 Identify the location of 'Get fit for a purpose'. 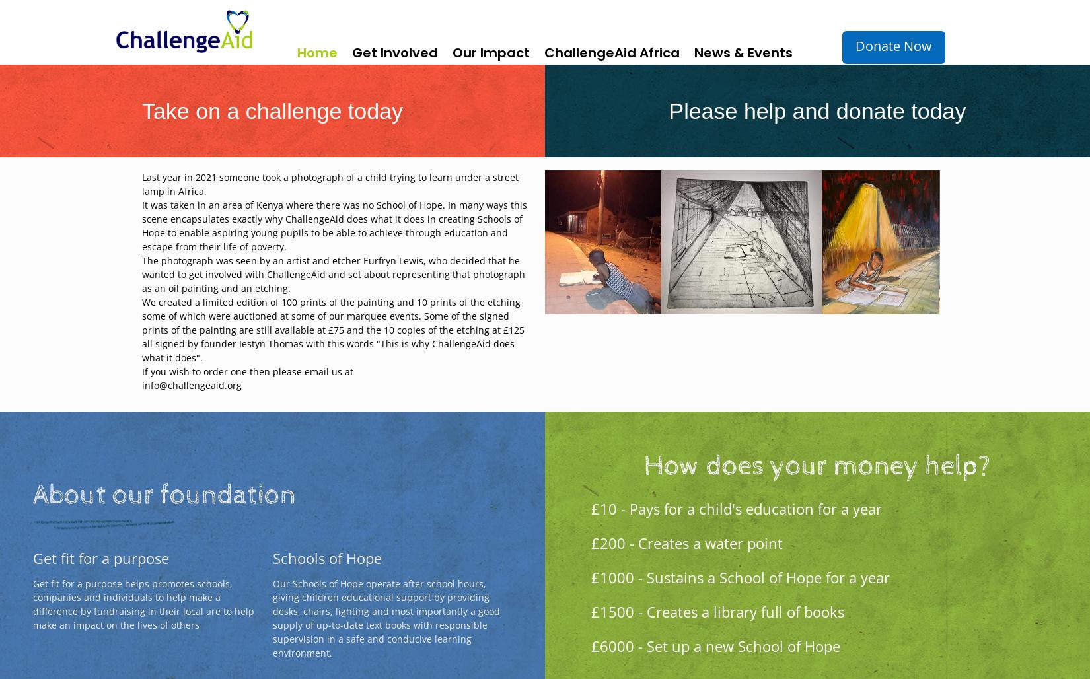
(100, 556).